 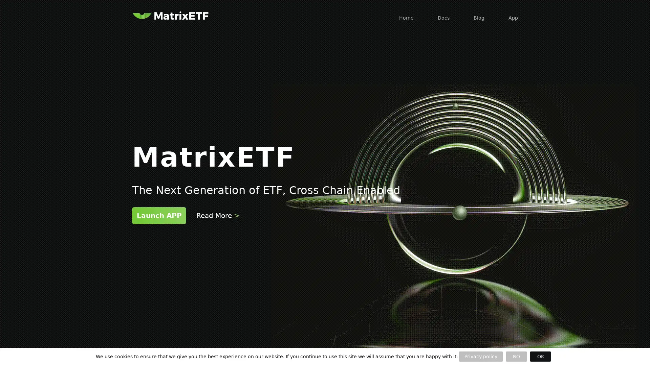 What do you see at coordinates (480, 356) in the screenshot?
I see `Privacy policy` at bounding box center [480, 356].